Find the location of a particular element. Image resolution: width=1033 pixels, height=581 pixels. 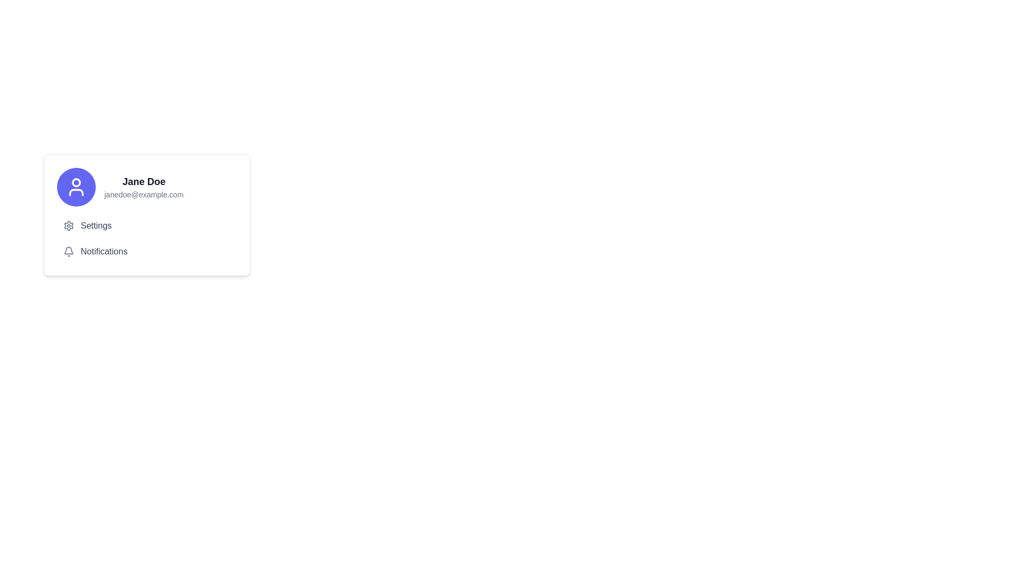

the notifications icon located in the settings section, which is the leftmost element and represents new or pending notifications is located at coordinates (68, 251).